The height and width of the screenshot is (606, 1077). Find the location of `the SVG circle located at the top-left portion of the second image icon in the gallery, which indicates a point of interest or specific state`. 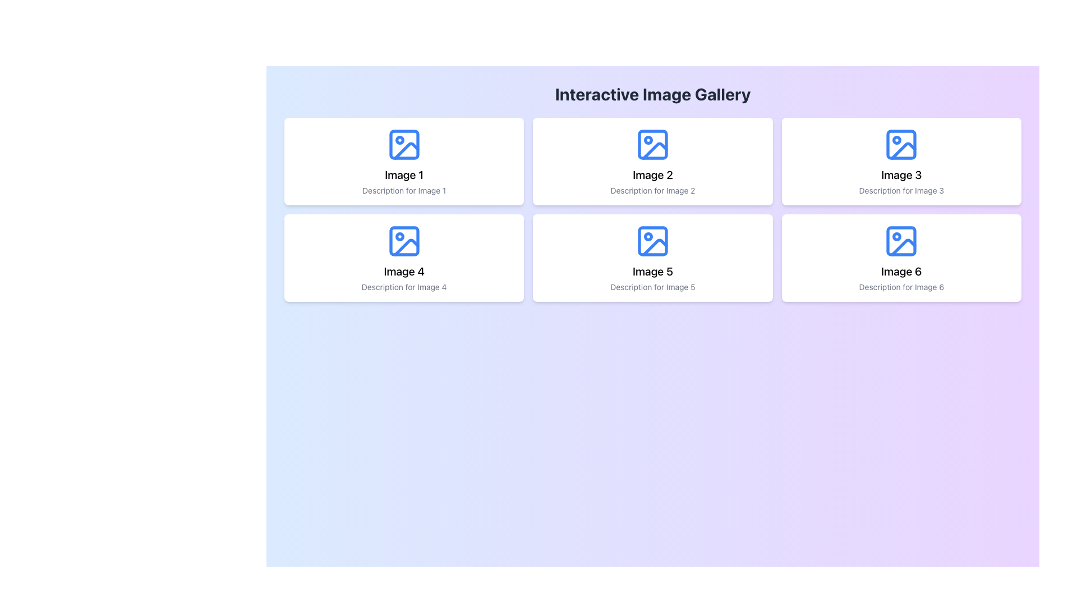

the SVG circle located at the top-left portion of the second image icon in the gallery, which indicates a point of interest or specific state is located at coordinates (648, 140).